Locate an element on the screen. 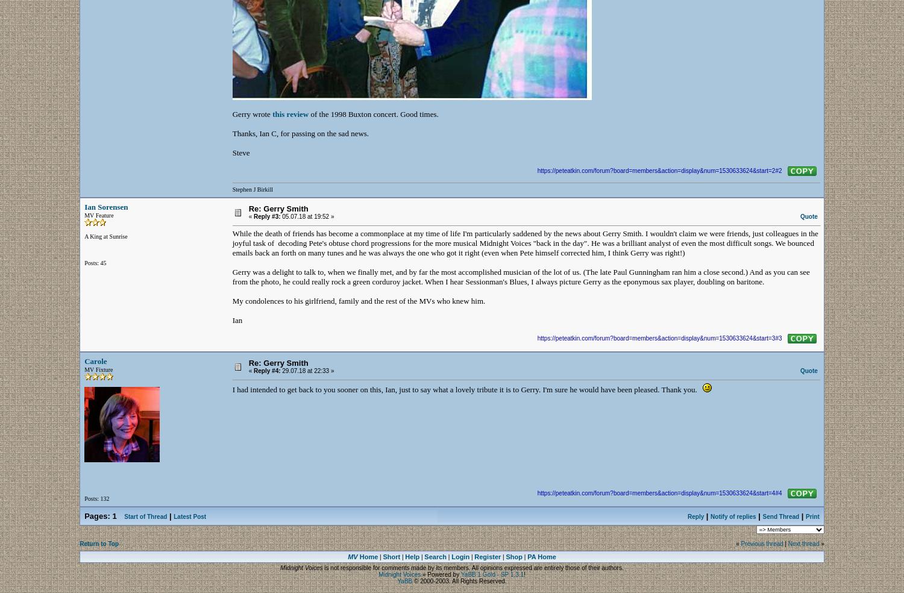  'Notify of replies' is located at coordinates (732, 516).